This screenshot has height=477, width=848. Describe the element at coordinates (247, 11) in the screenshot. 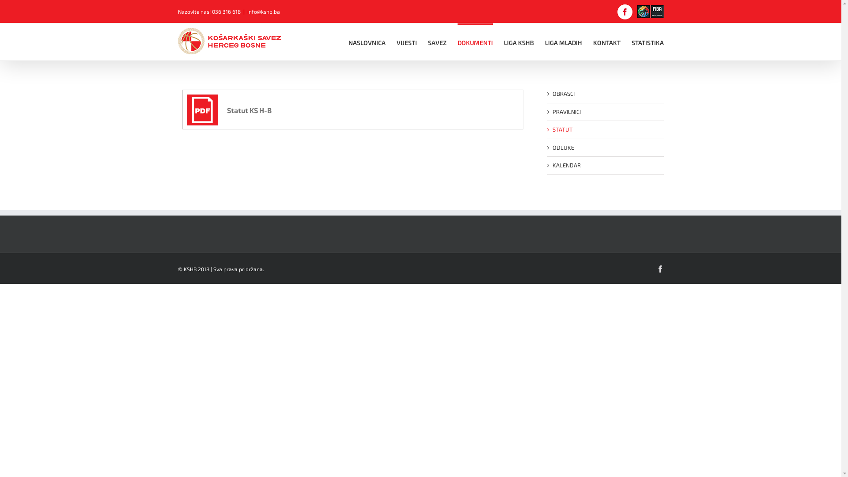

I see `'info@kshb.ba'` at that location.